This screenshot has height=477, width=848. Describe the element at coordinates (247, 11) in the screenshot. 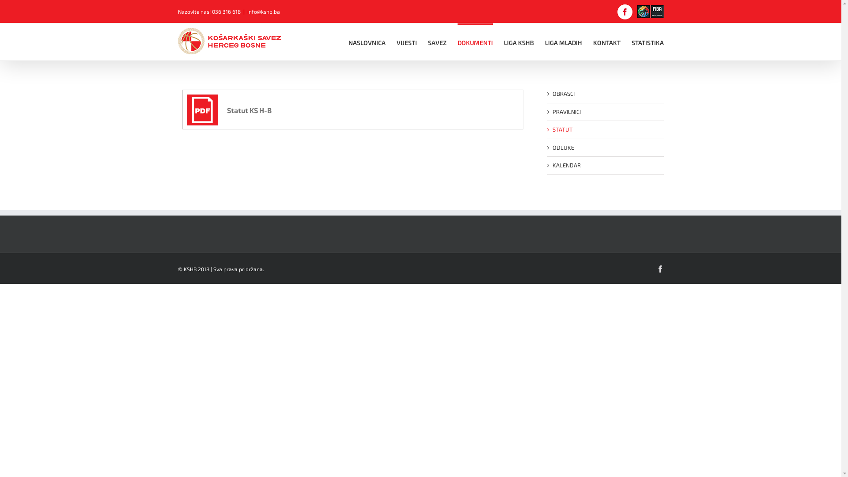

I see `'info@kshb.ba'` at that location.